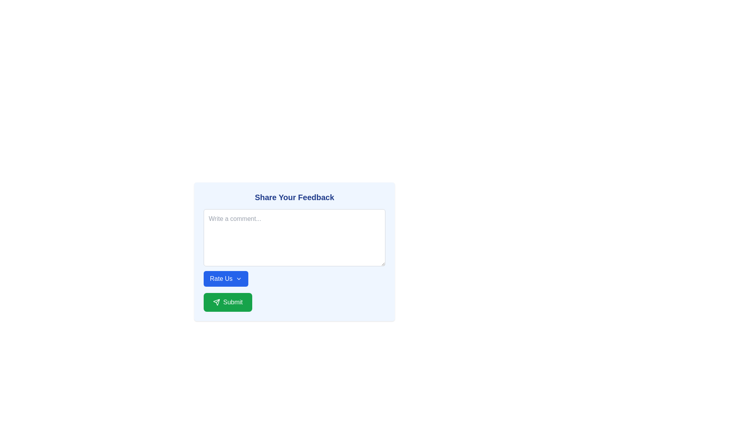 The image size is (752, 423). What do you see at coordinates (216, 302) in the screenshot?
I see `the stylized arrow icon within the green 'Submit' button located at the lower right corner of the feedback section` at bounding box center [216, 302].